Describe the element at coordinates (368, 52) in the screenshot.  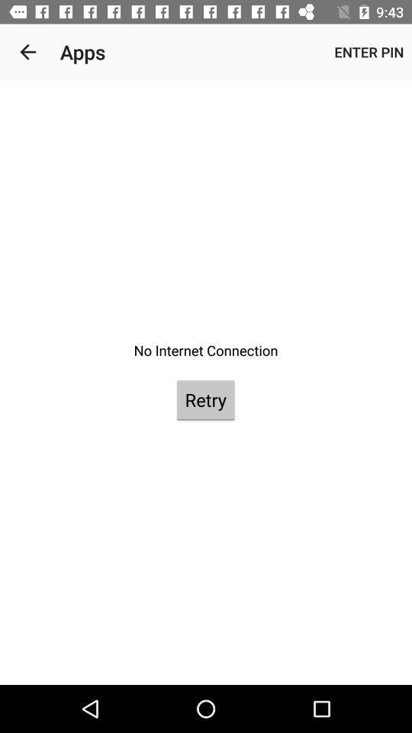
I see `enter pin at the top right corner` at that location.